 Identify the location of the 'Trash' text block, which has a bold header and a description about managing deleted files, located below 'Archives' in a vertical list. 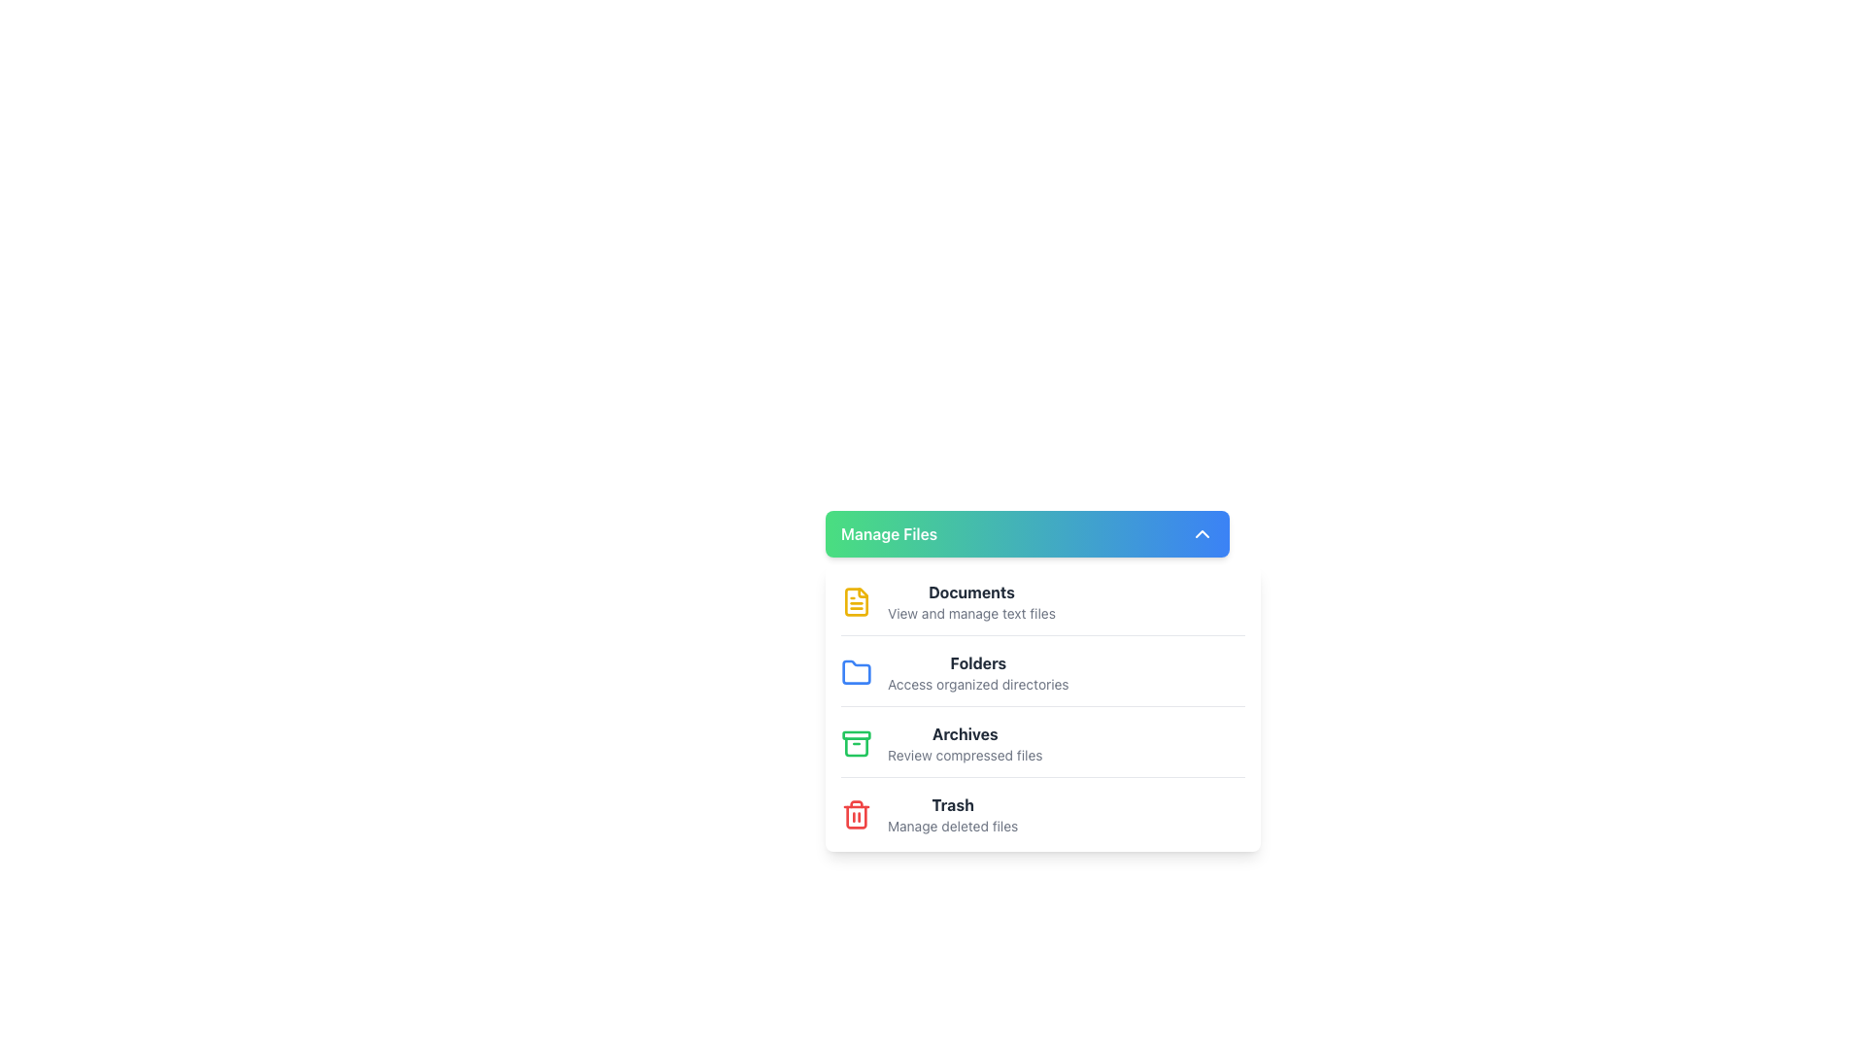
(953, 815).